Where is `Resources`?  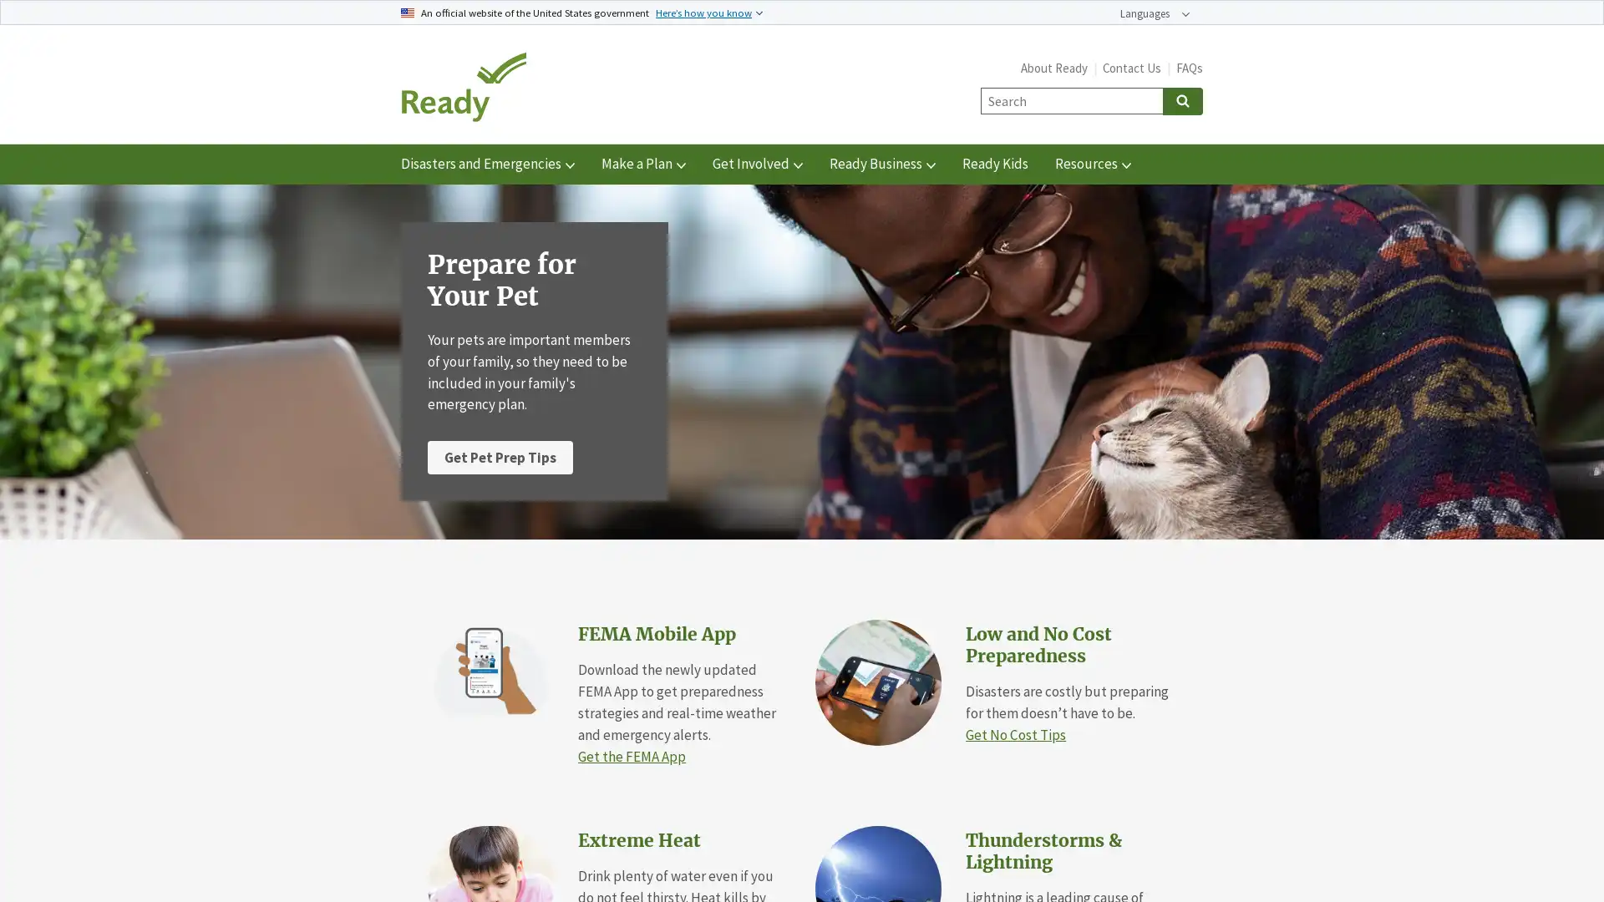 Resources is located at coordinates (1093, 164).